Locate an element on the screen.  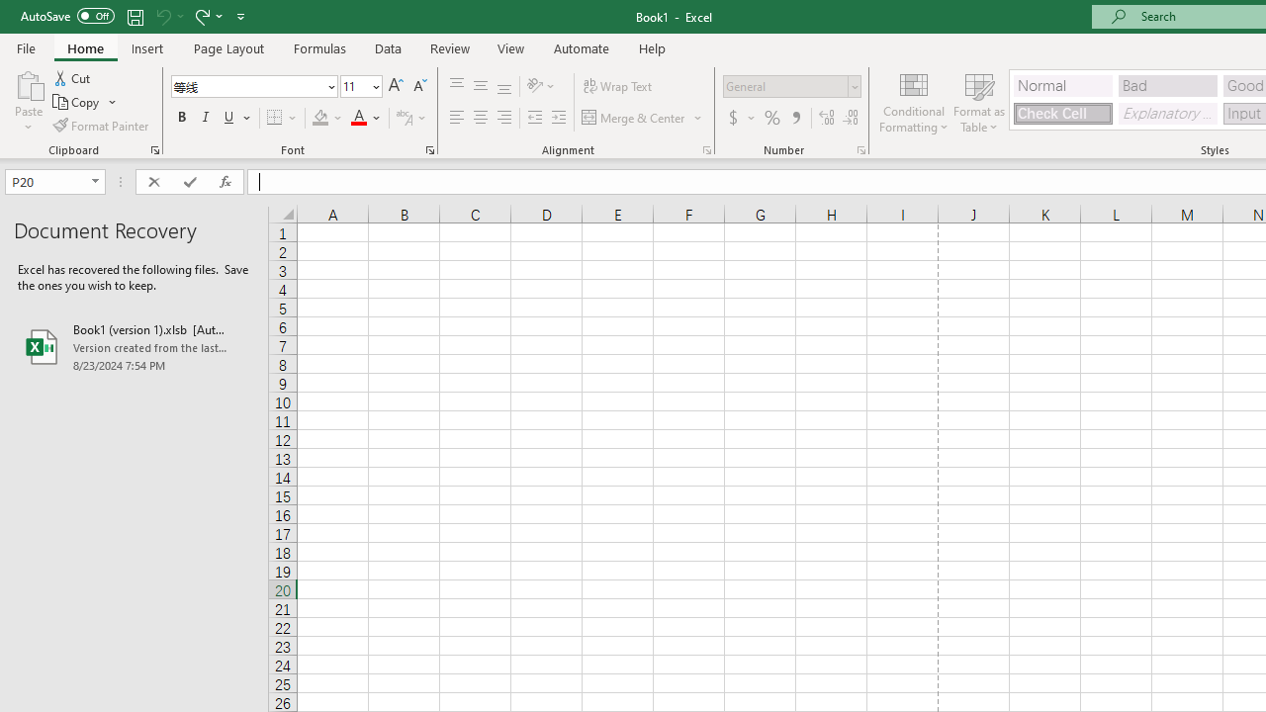
'Paste' is located at coordinates (28, 102).